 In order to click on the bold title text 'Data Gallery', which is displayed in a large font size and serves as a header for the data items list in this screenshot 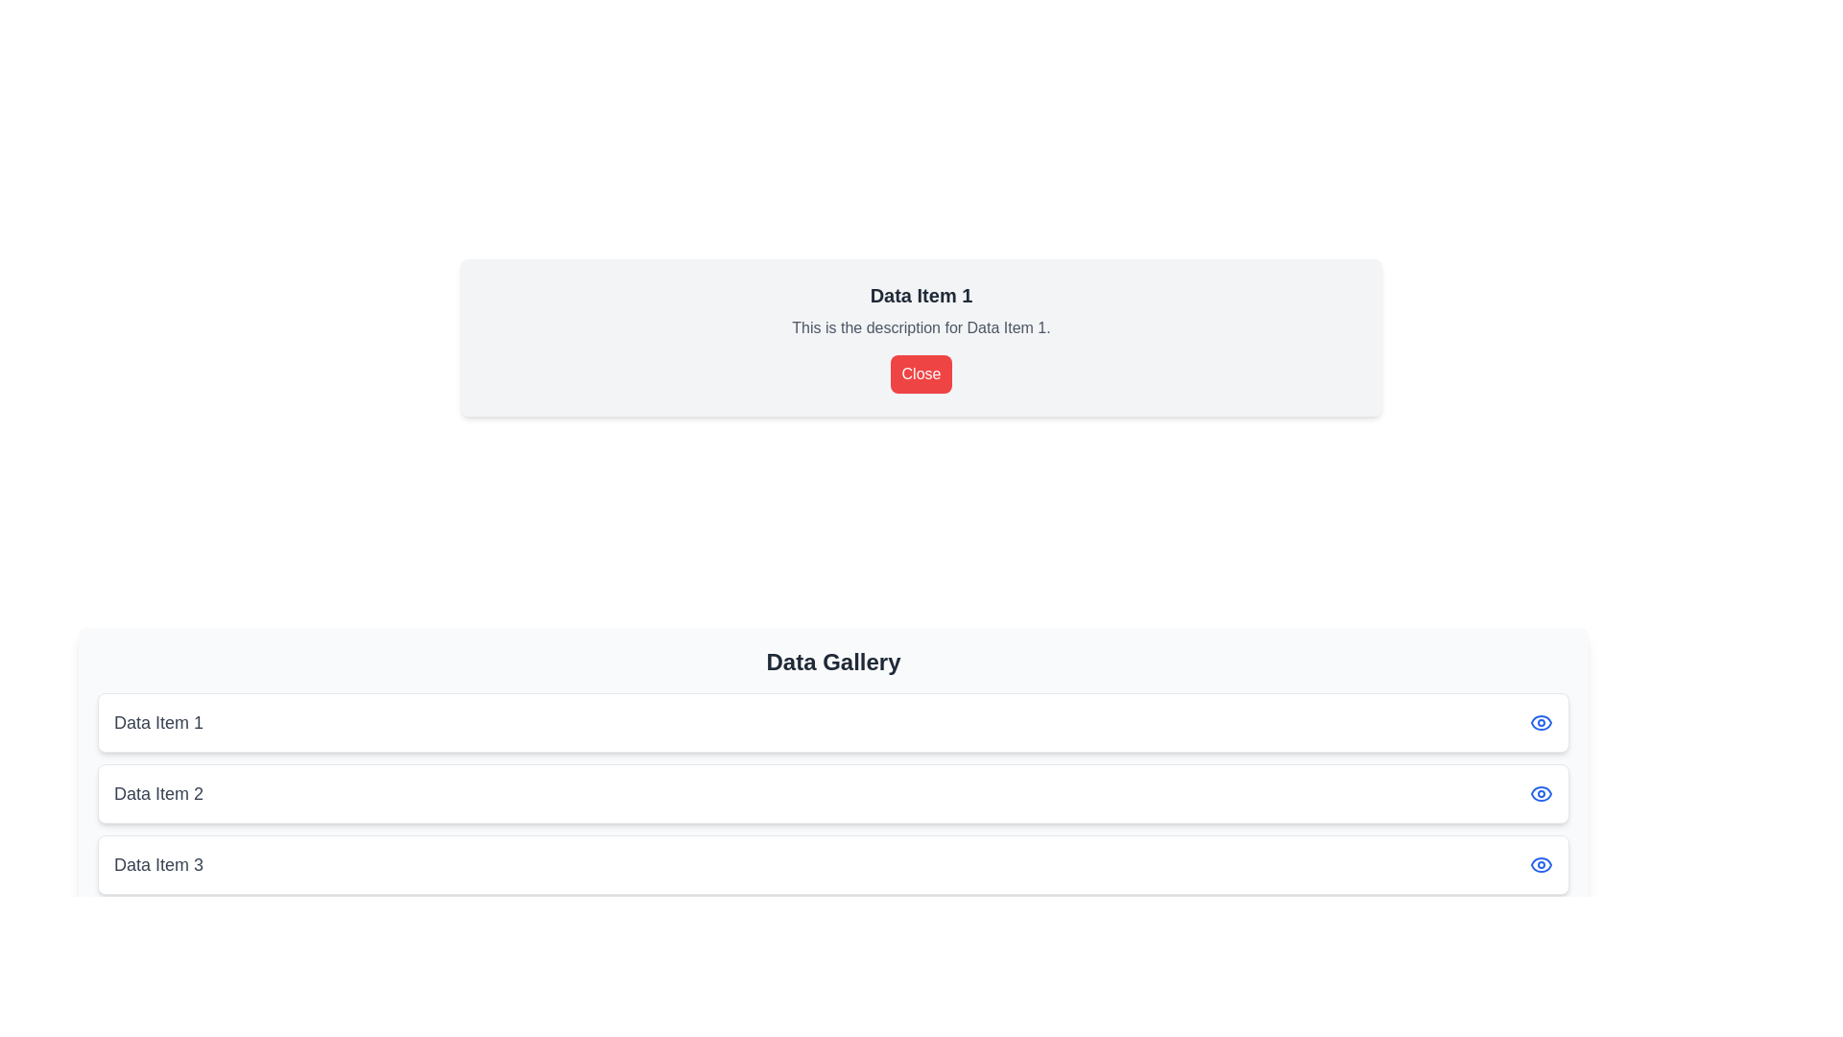, I will do `click(833, 662)`.